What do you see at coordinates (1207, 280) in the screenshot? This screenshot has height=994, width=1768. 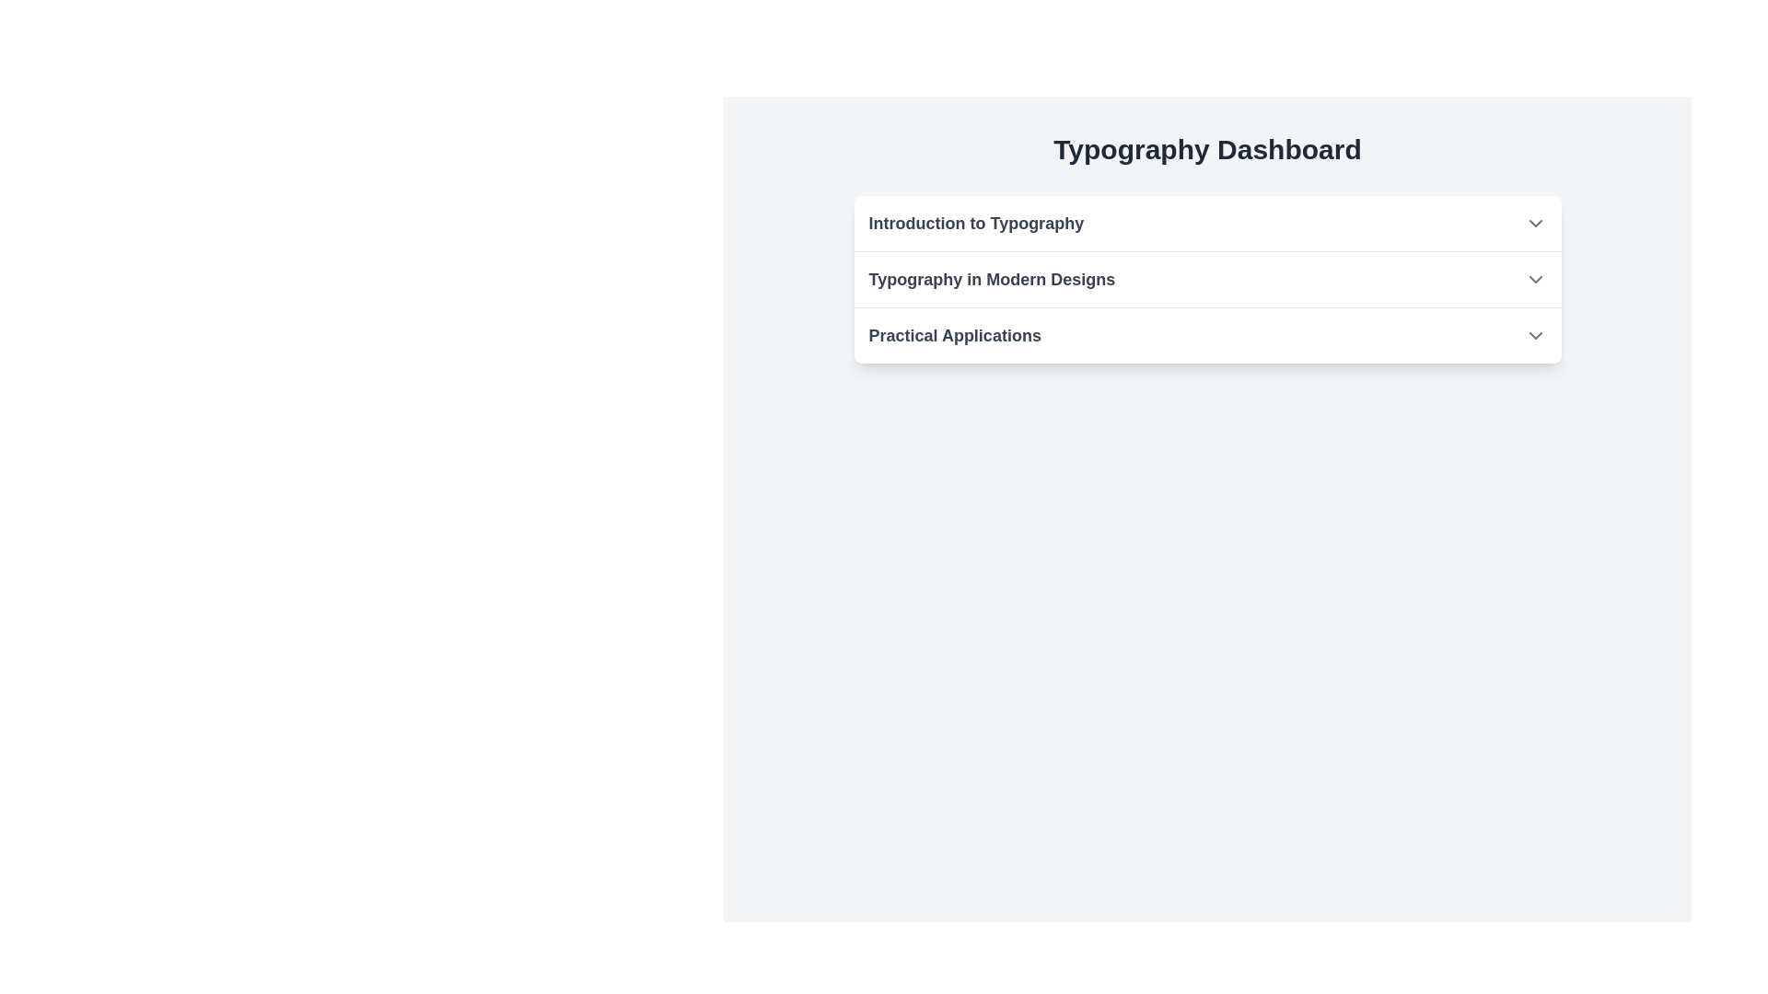 I see `the second item` at bounding box center [1207, 280].